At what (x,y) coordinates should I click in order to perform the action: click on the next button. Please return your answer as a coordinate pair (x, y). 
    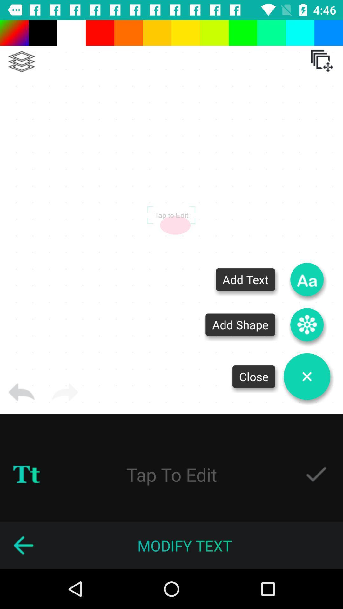
    Looking at the image, I should click on (65, 392).